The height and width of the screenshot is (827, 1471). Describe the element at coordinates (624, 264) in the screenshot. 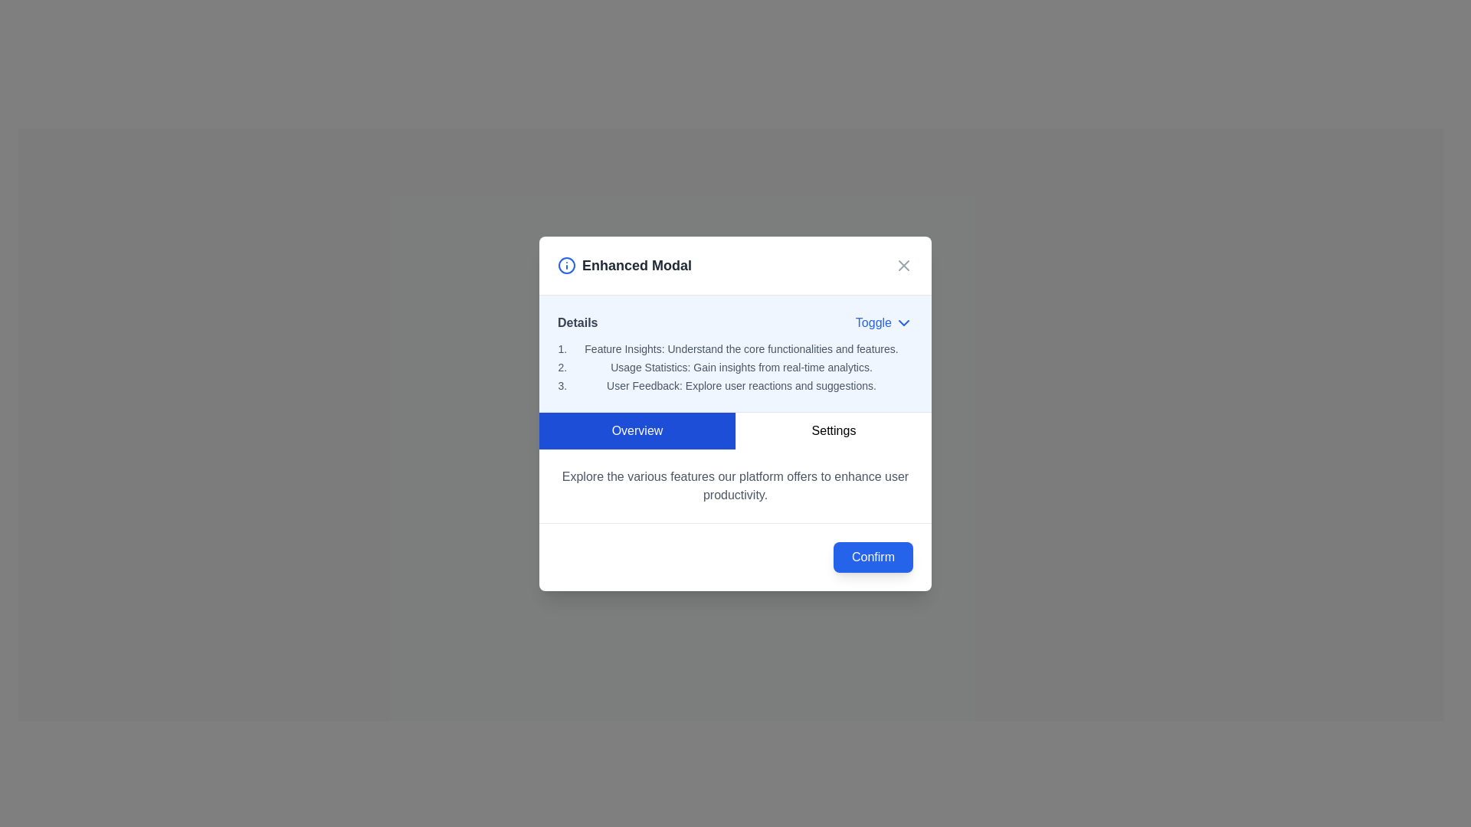

I see `title from the Text Label with Icon displaying 'Enhanced Modal', which is styled with bold font and dark gray color, located in the top bar of the modal window` at that location.